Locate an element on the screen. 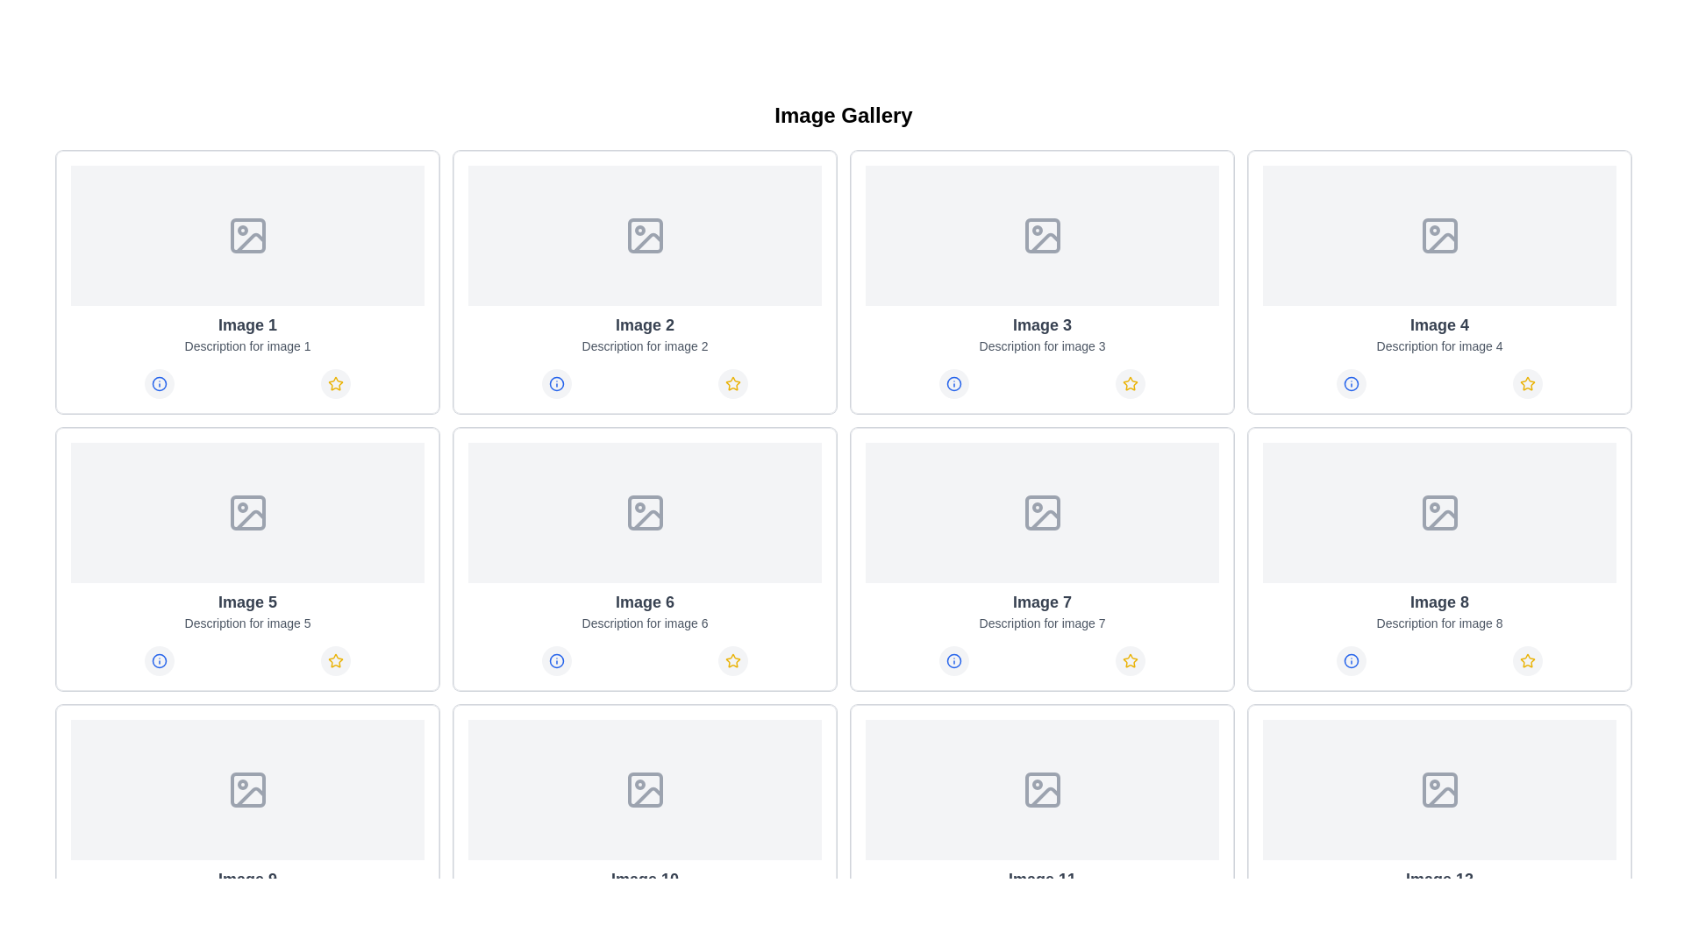 This screenshot has height=947, width=1684. the icon located in the center of the second tile in the top row of the image gallery grid, which serves as a visual placeholder or representation of an image is located at coordinates (644, 235).